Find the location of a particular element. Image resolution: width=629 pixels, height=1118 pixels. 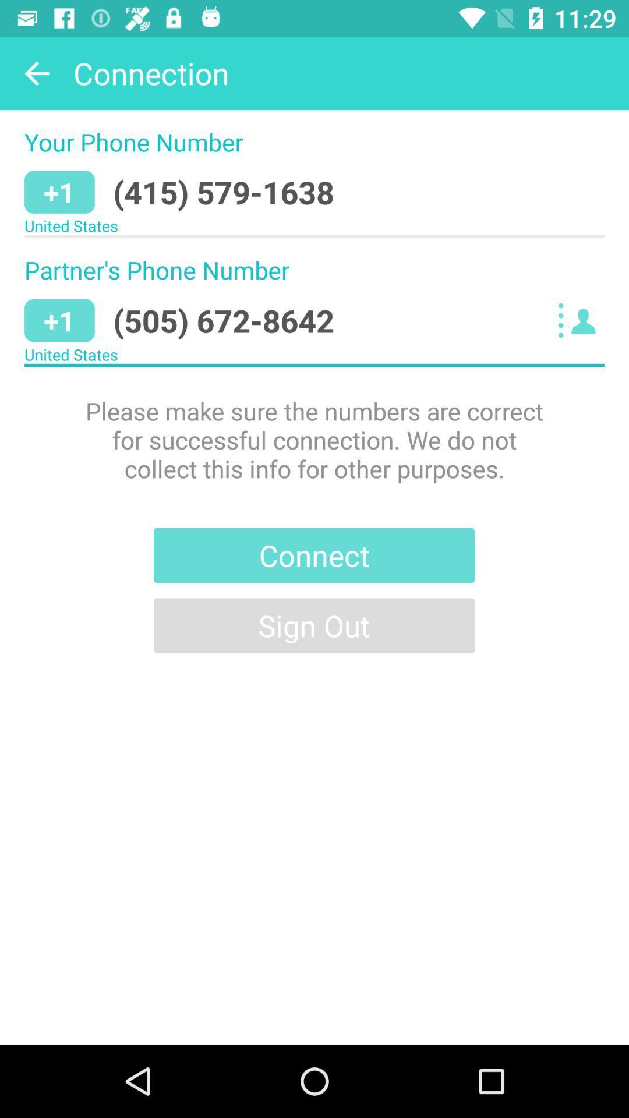

the item next to the +1 icon is located at coordinates (224, 192).